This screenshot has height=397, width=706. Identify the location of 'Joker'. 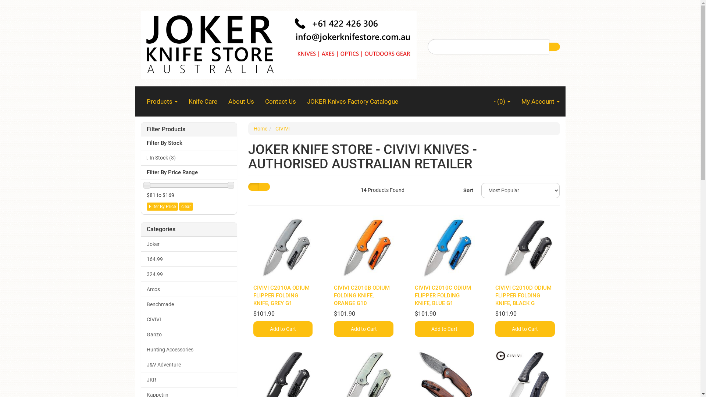
(189, 244).